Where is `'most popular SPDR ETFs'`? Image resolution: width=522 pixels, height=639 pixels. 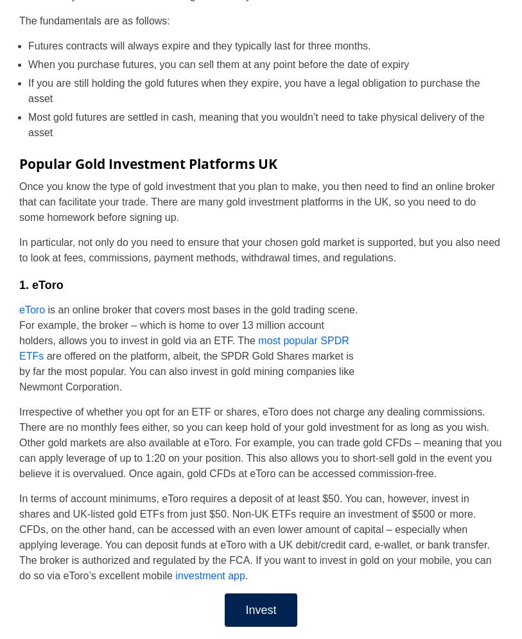 'most popular SPDR ETFs' is located at coordinates (183, 348).